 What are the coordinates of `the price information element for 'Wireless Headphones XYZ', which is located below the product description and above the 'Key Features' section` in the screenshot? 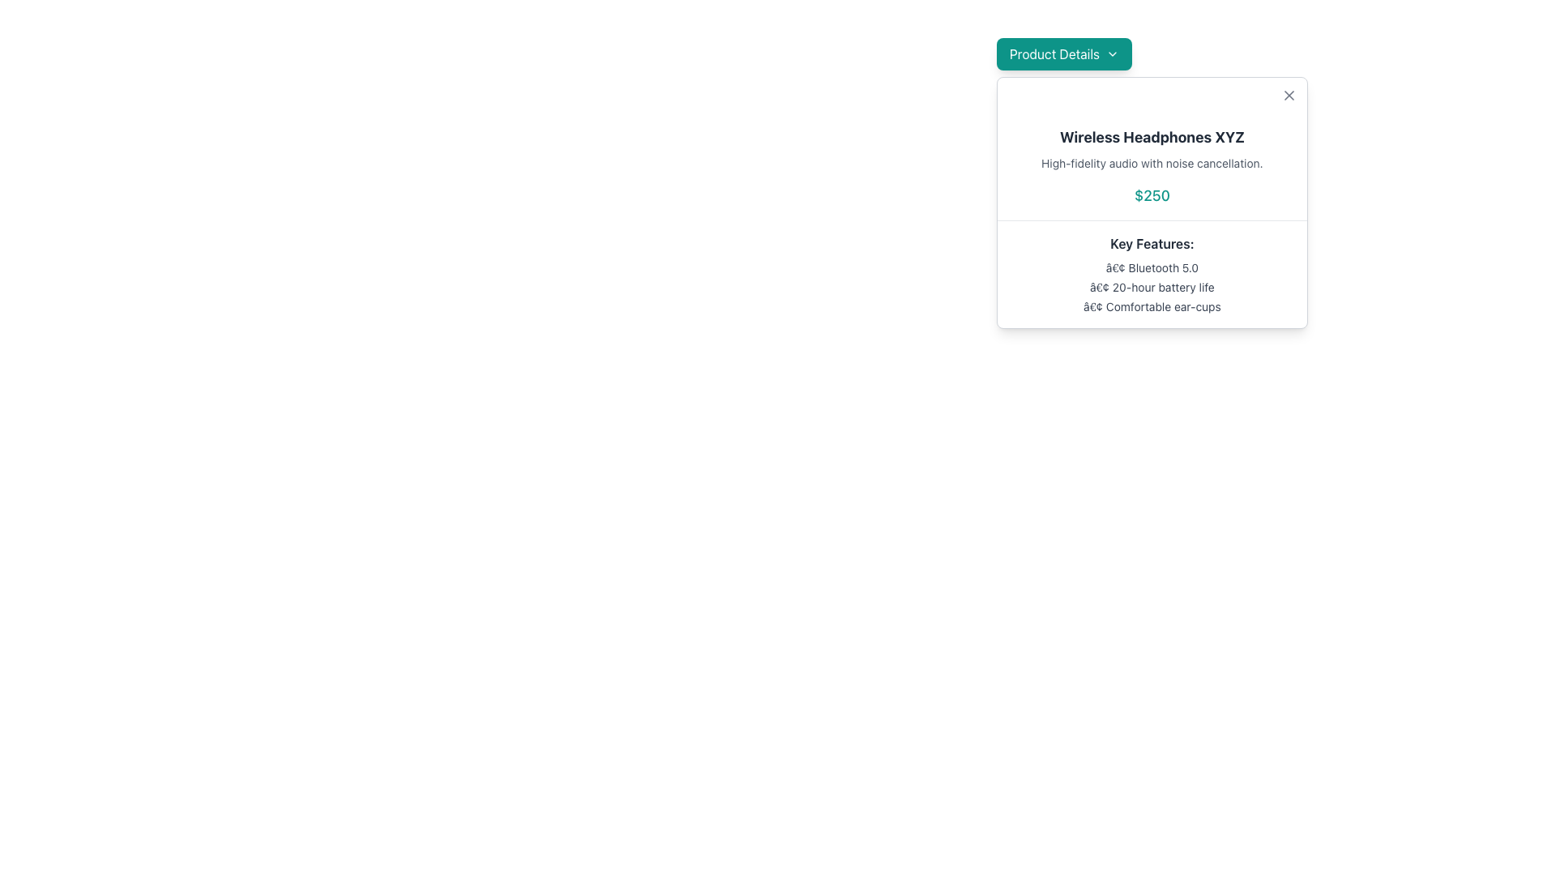 It's located at (1151, 195).